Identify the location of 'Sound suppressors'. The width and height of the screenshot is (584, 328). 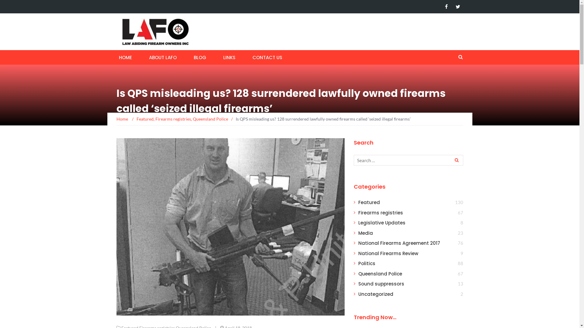
(381, 284).